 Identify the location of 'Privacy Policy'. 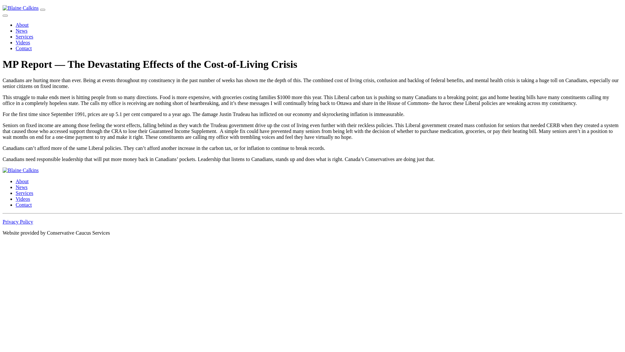
(18, 221).